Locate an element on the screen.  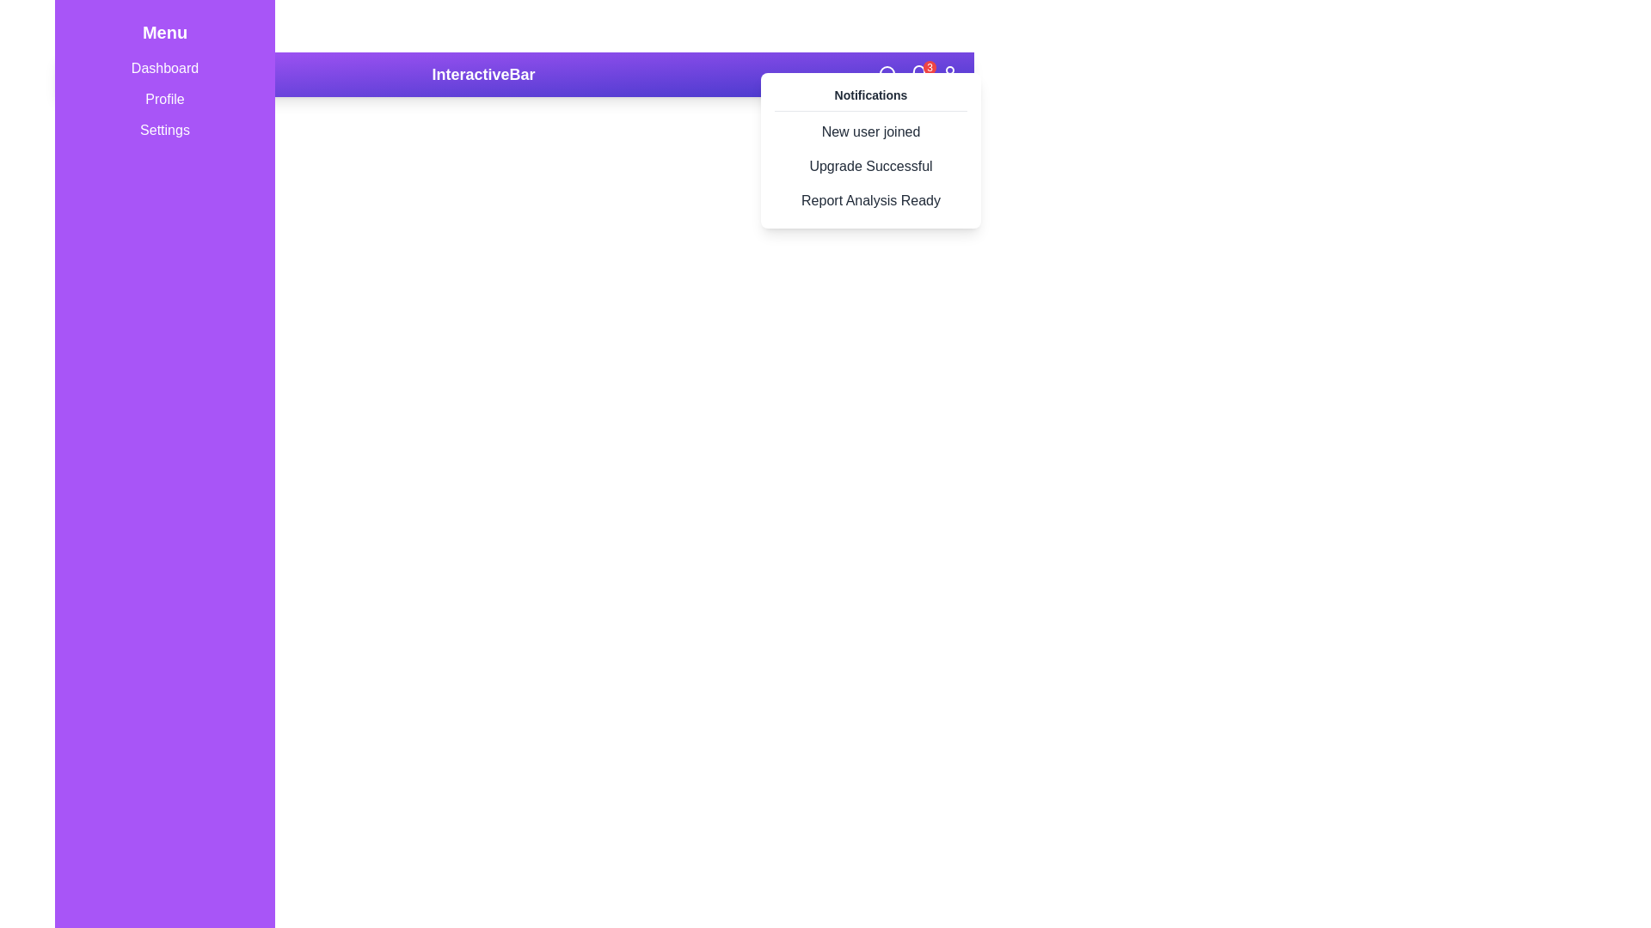
the vector graphic within the notification icon located in the top navigation bar on the right side, specifically the inner graphical element of the bell icon is located at coordinates (918, 71).